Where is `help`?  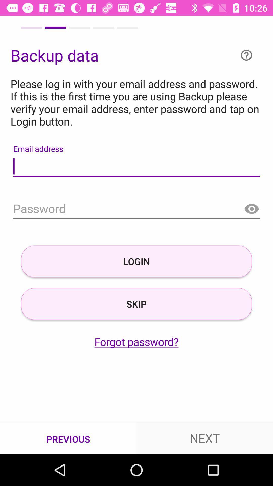 help is located at coordinates (246, 55).